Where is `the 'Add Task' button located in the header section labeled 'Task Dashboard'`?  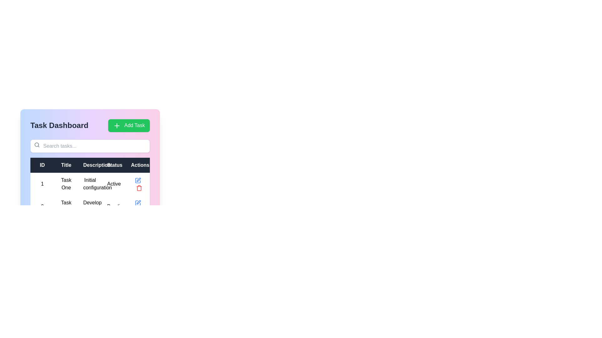 the 'Add Task' button located in the header section labeled 'Task Dashboard' is located at coordinates (129, 125).